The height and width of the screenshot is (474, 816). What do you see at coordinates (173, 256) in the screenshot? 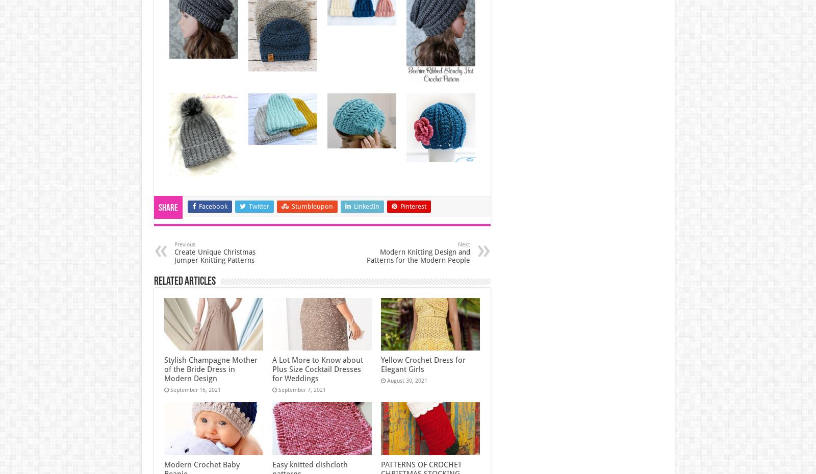
I see `'Create Unique Christmas Jumper Knitting
Patterns'` at bounding box center [173, 256].